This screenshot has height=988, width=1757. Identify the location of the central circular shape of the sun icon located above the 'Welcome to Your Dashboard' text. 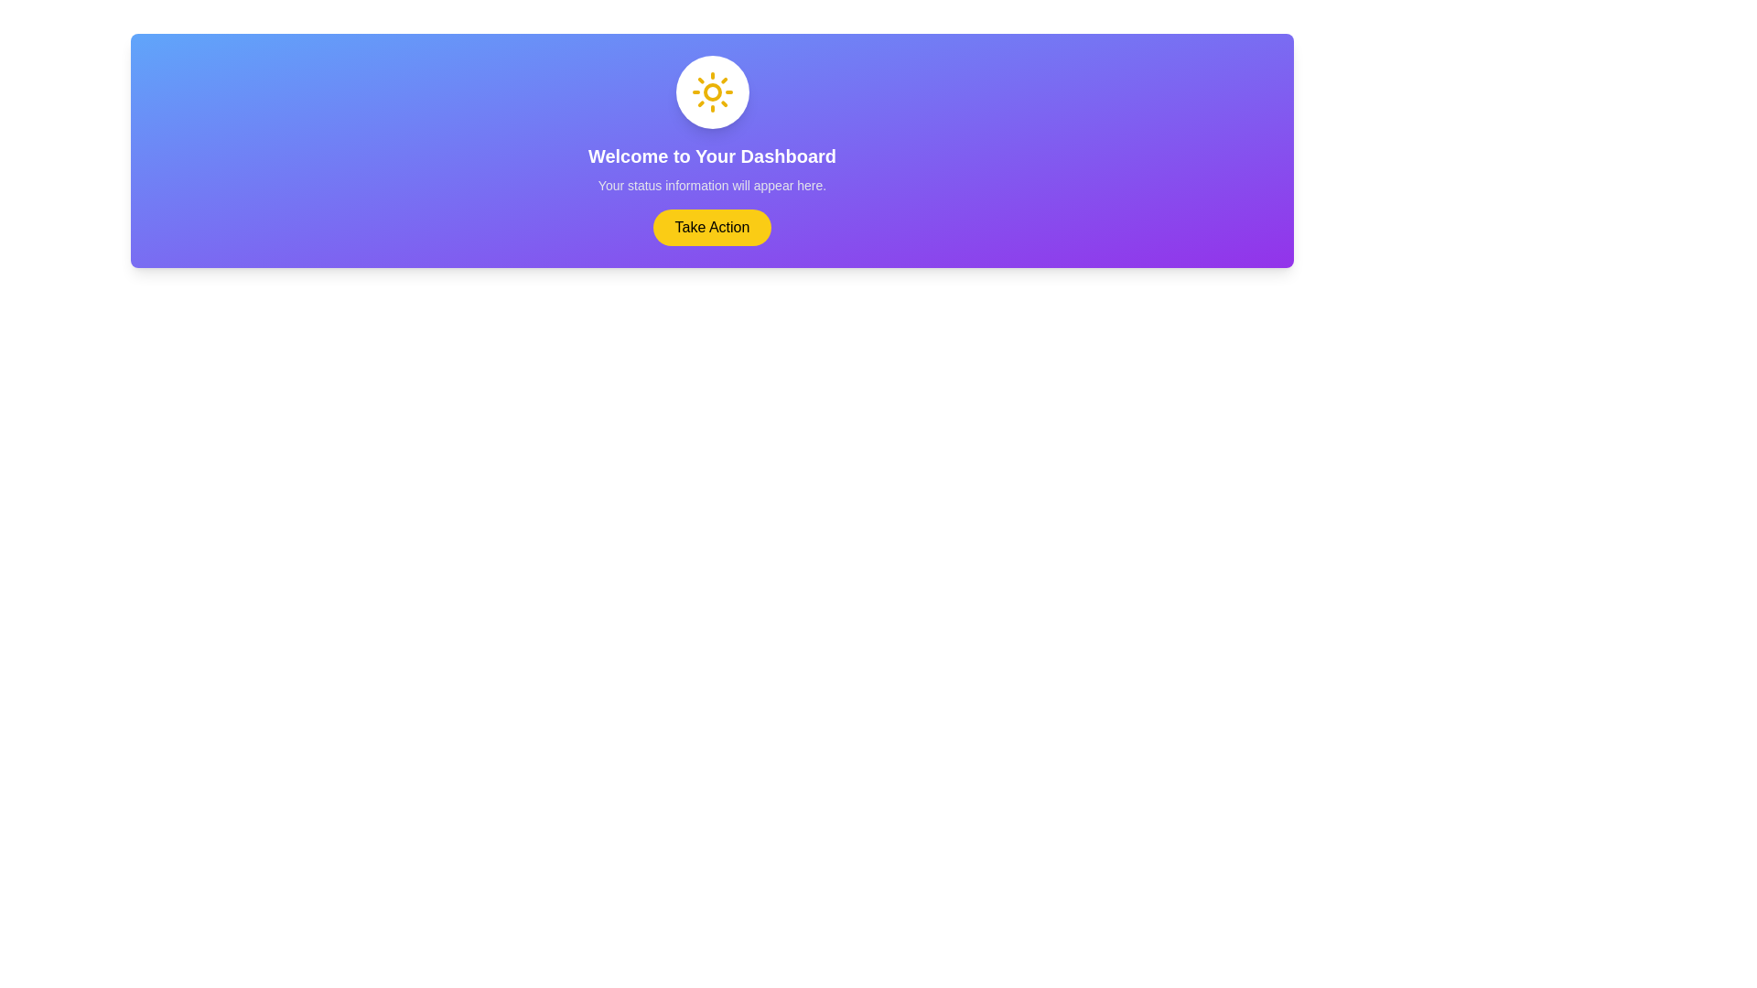
(711, 91).